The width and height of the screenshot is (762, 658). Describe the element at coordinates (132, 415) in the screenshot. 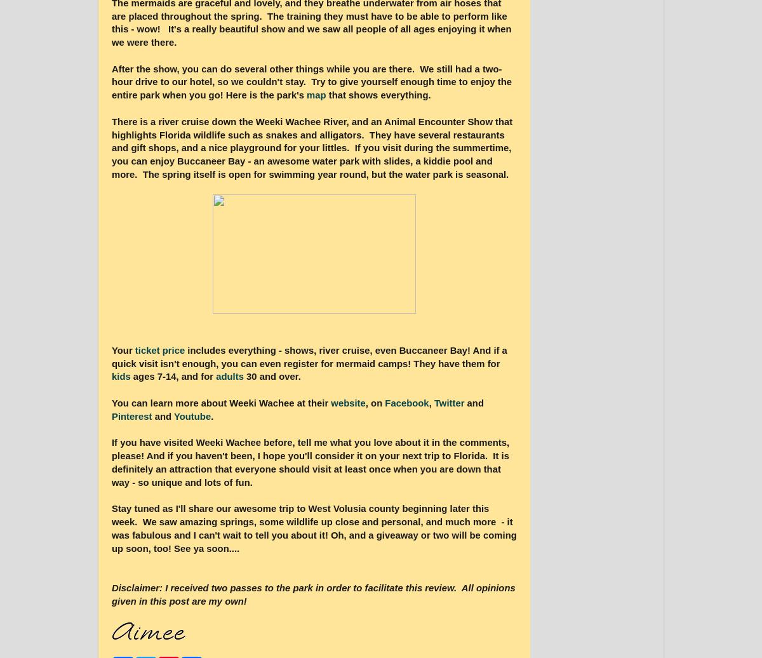

I see `'Pinterest'` at that location.